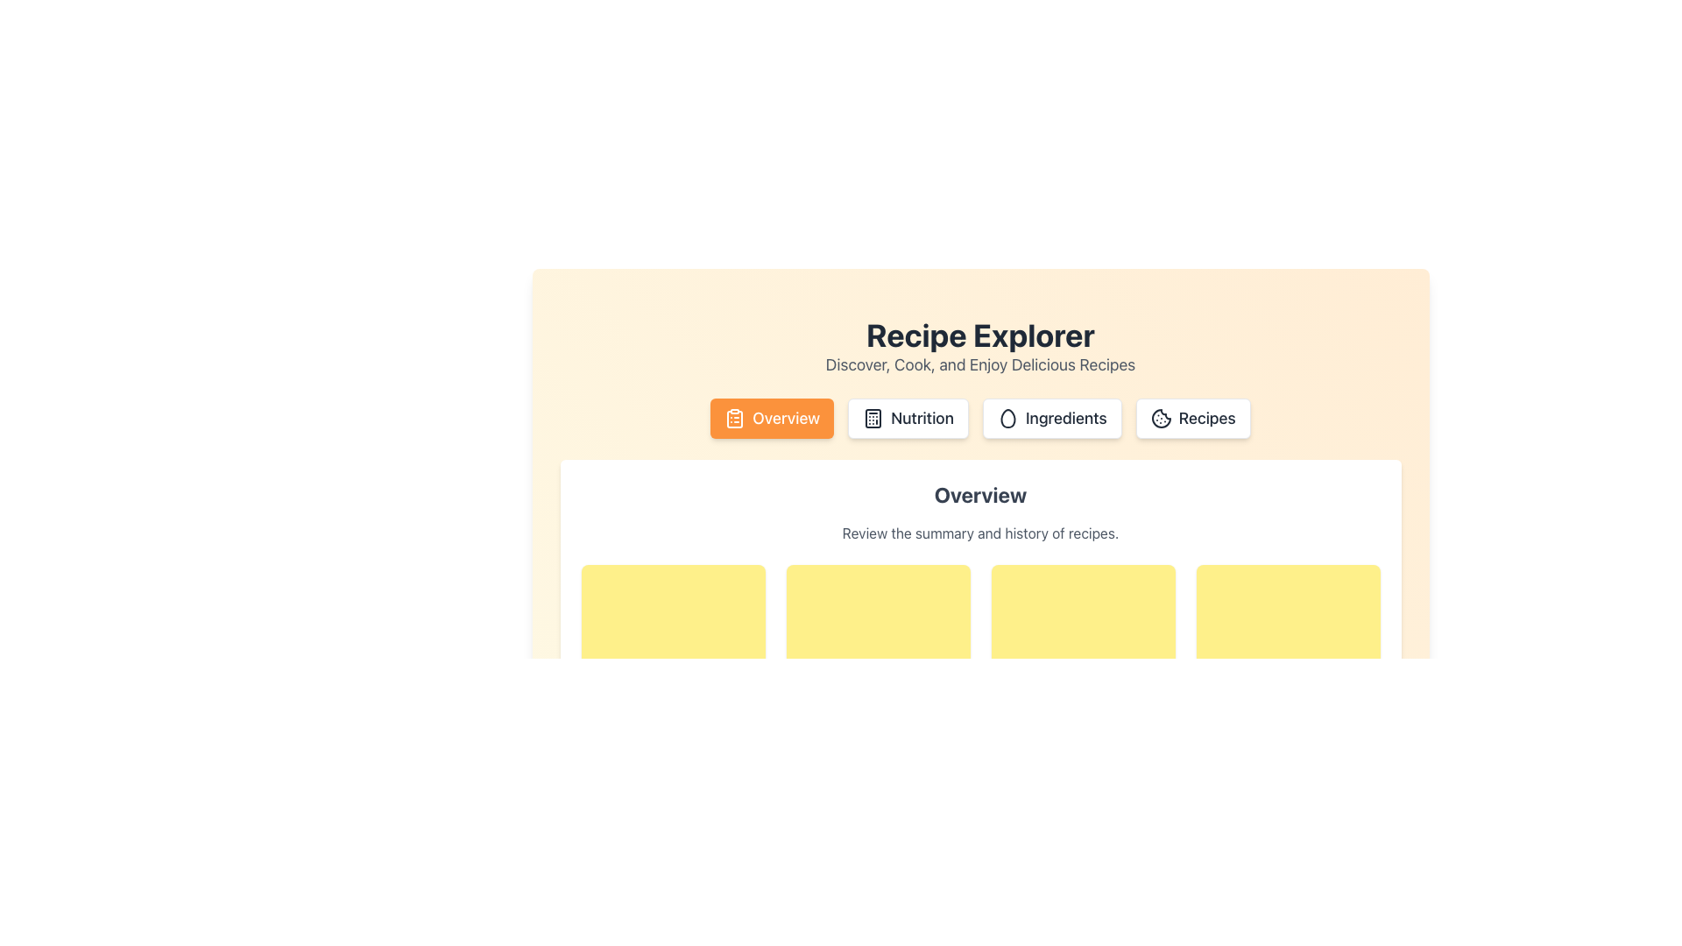 This screenshot has height=946, width=1682. What do you see at coordinates (979, 364) in the screenshot?
I see `descriptive text located directly below the 'Recipe Explorer' header, which provides additional context about the feature` at bounding box center [979, 364].